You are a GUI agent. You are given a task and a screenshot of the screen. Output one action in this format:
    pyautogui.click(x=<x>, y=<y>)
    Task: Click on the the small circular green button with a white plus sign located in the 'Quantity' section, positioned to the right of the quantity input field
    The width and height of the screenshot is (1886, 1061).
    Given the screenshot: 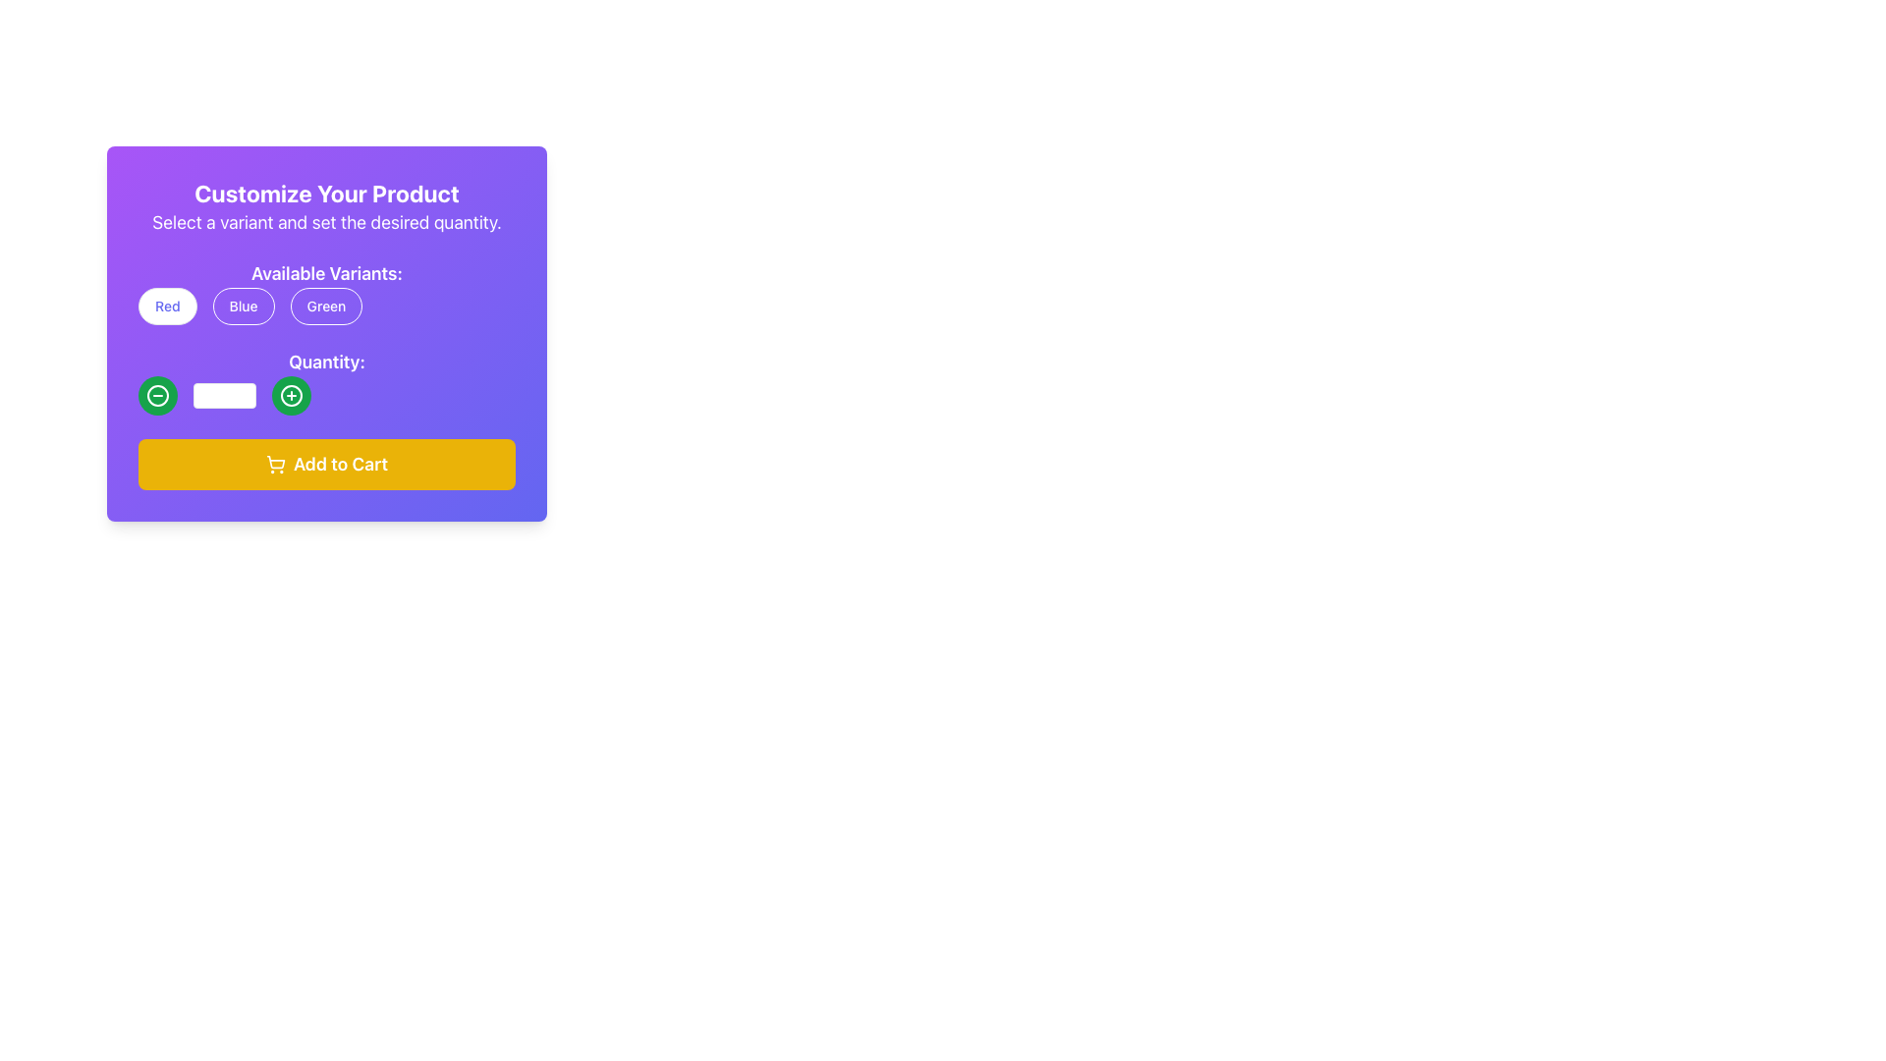 What is the action you would take?
    pyautogui.click(x=291, y=395)
    